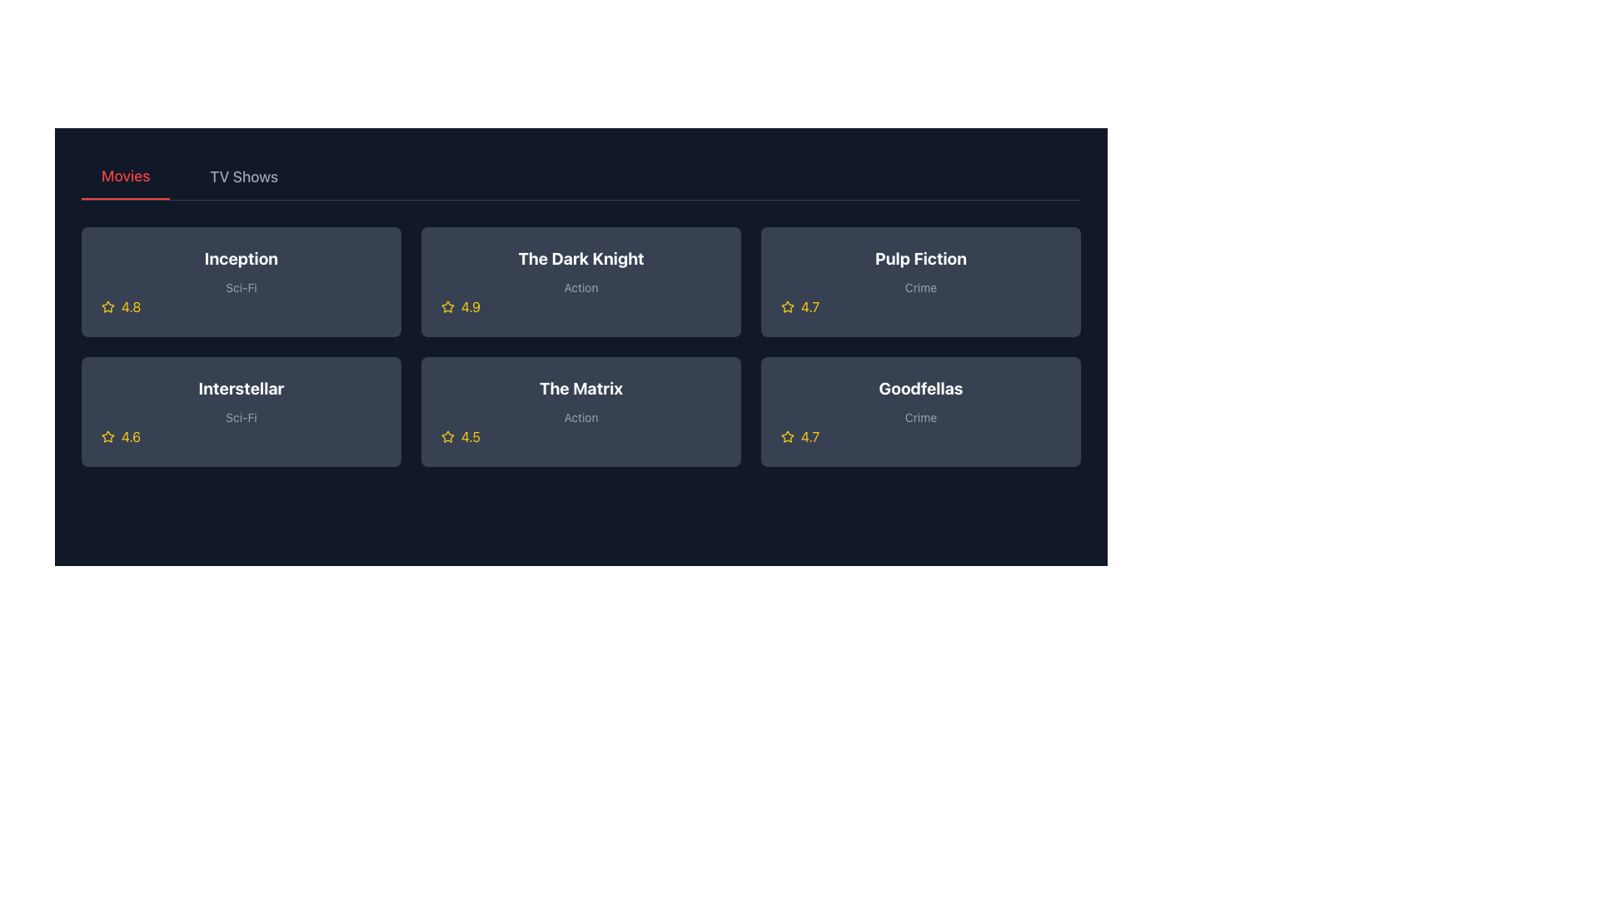  What do you see at coordinates (447, 435) in the screenshot?
I see `the star icon located in the bottom-left section of the card labeled 'The Matrix'` at bounding box center [447, 435].